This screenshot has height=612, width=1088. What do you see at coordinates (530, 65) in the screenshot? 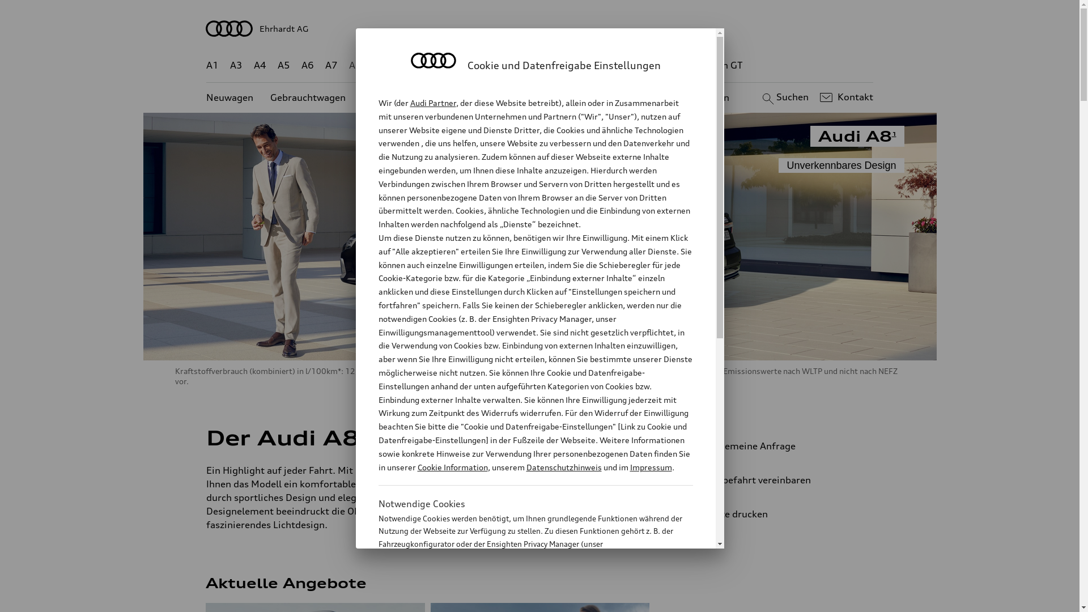
I see `'Q8'` at bounding box center [530, 65].